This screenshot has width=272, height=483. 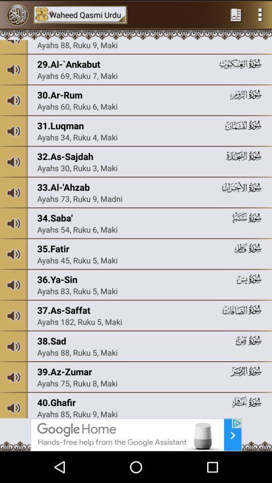 What do you see at coordinates (236, 14) in the screenshot?
I see `home page` at bounding box center [236, 14].